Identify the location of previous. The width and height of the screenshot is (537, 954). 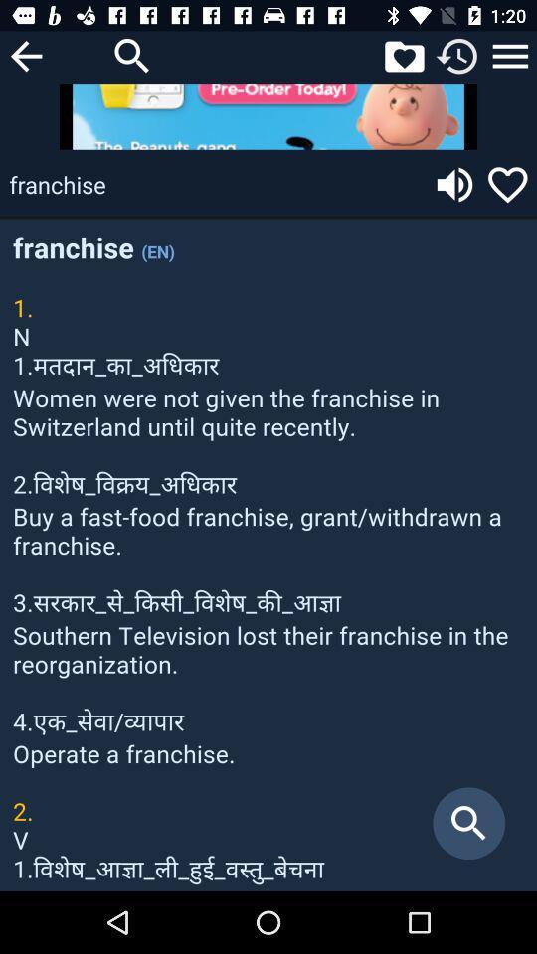
(25, 55).